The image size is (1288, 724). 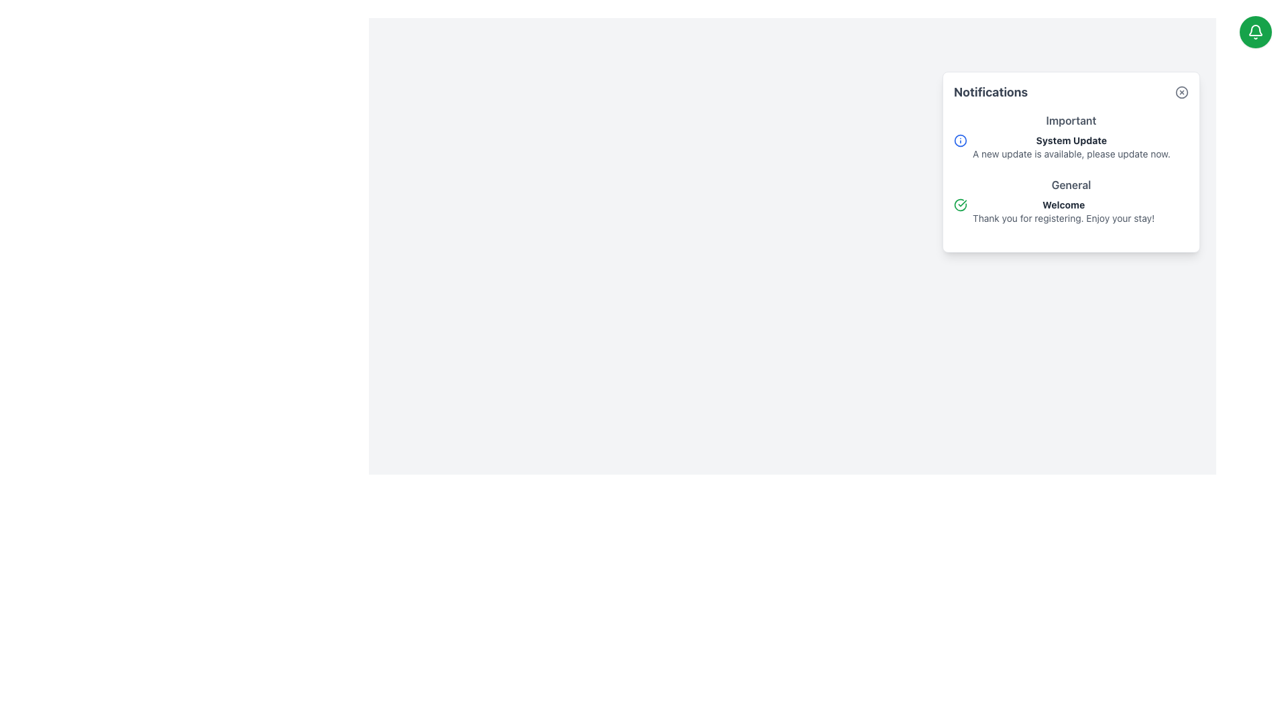 I want to click on the green circular checkmark icon located to the left of the 'Welcome' message in the notification panel, so click(x=959, y=204).